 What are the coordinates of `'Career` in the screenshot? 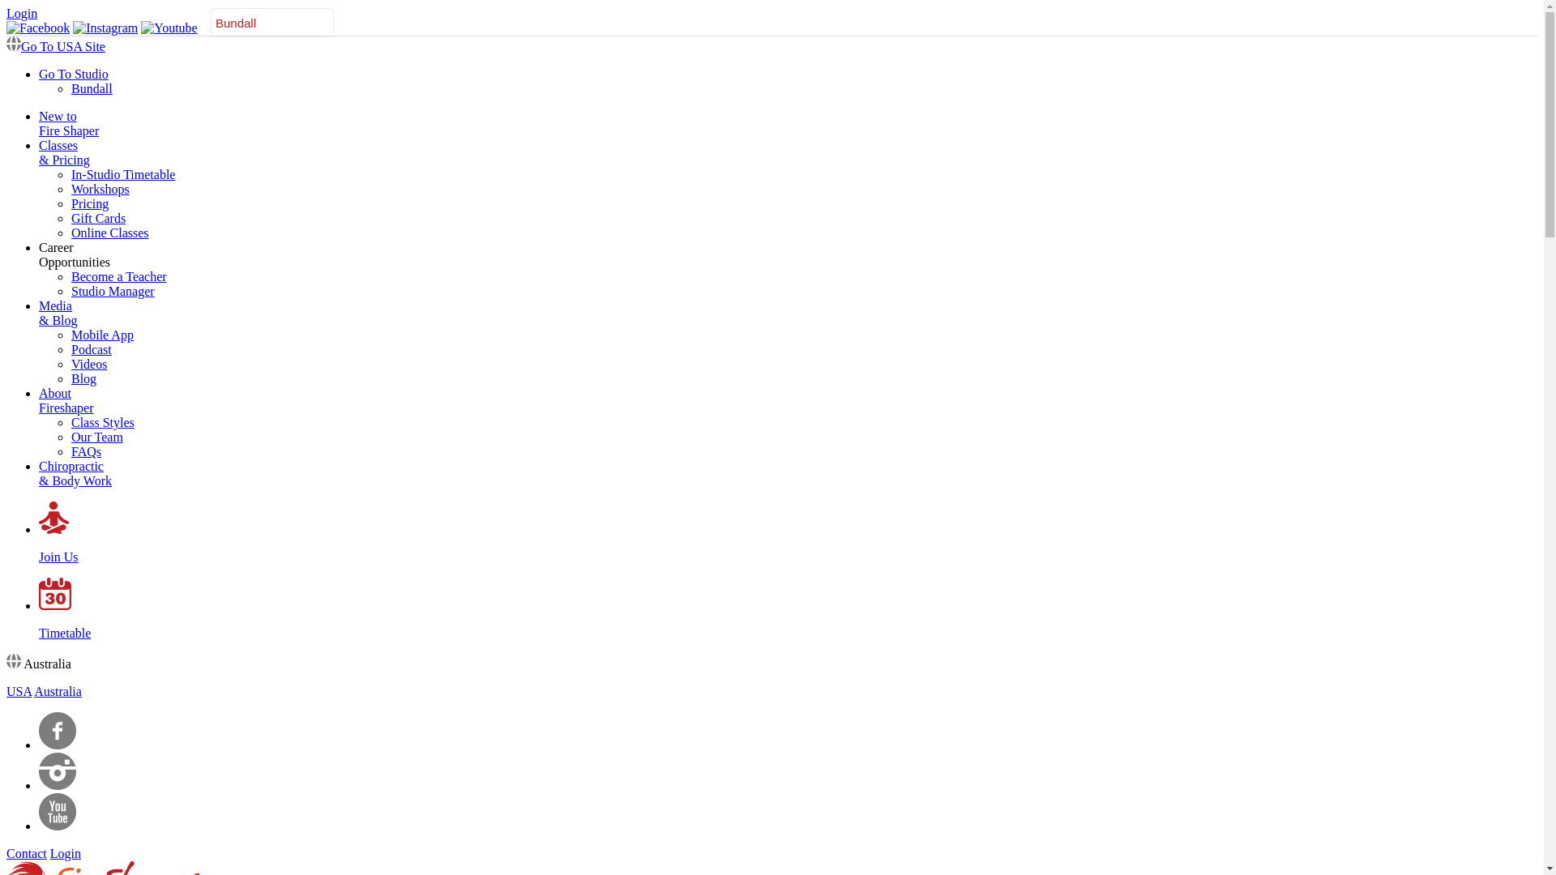 It's located at (73, 254).